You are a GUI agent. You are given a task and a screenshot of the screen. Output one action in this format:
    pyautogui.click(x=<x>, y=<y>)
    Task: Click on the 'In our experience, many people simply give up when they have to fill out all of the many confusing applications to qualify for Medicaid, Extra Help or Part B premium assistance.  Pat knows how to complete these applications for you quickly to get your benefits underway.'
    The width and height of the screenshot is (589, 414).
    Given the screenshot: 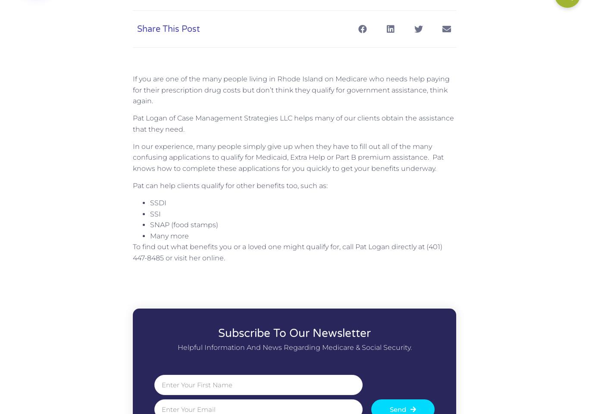 What is the action you would take?
    pyautogui.click(x=288, y=157)
    